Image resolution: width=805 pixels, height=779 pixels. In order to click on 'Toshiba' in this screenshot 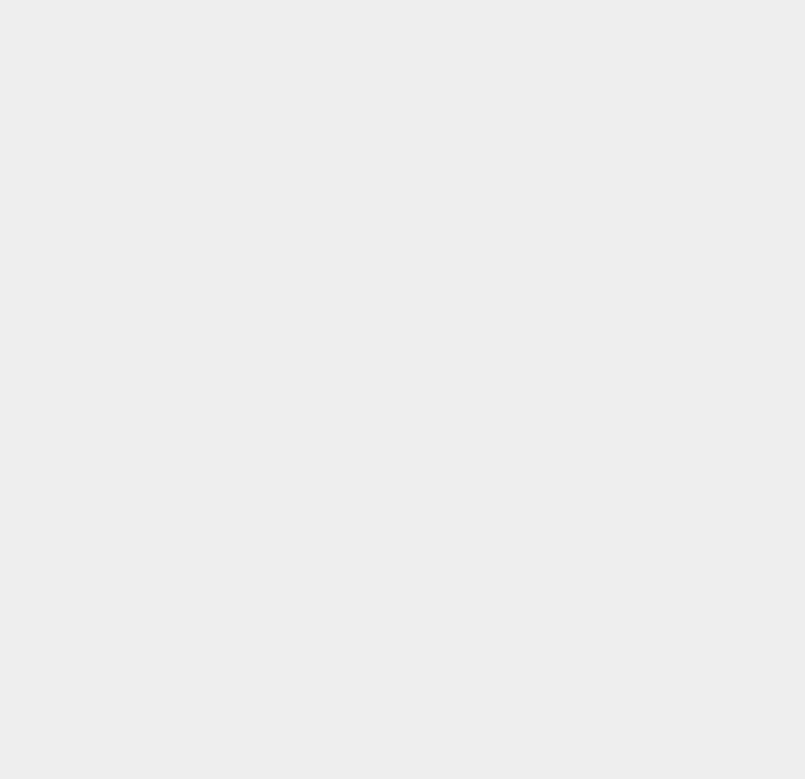, I will do `click(569, 603)`.